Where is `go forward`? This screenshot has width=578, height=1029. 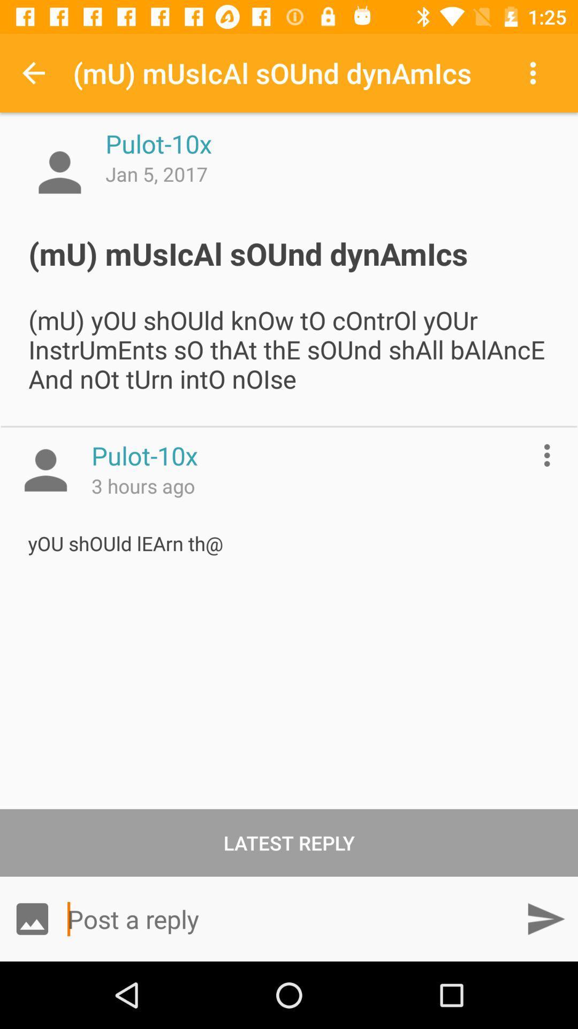
go forward is located at coordinates (545, 918).